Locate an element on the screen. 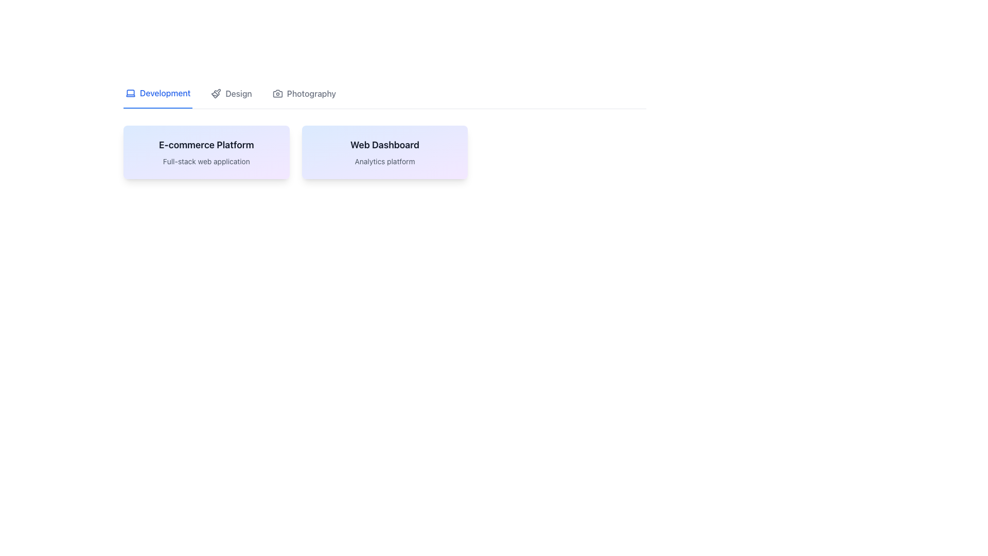 The width and height of the screenshot is (988, 556). the text label that says 'Analytics platform', which is styled as a secondary label in a smaller font size under the heading 'Web Dashboard' is located at coordinates (384, 161).